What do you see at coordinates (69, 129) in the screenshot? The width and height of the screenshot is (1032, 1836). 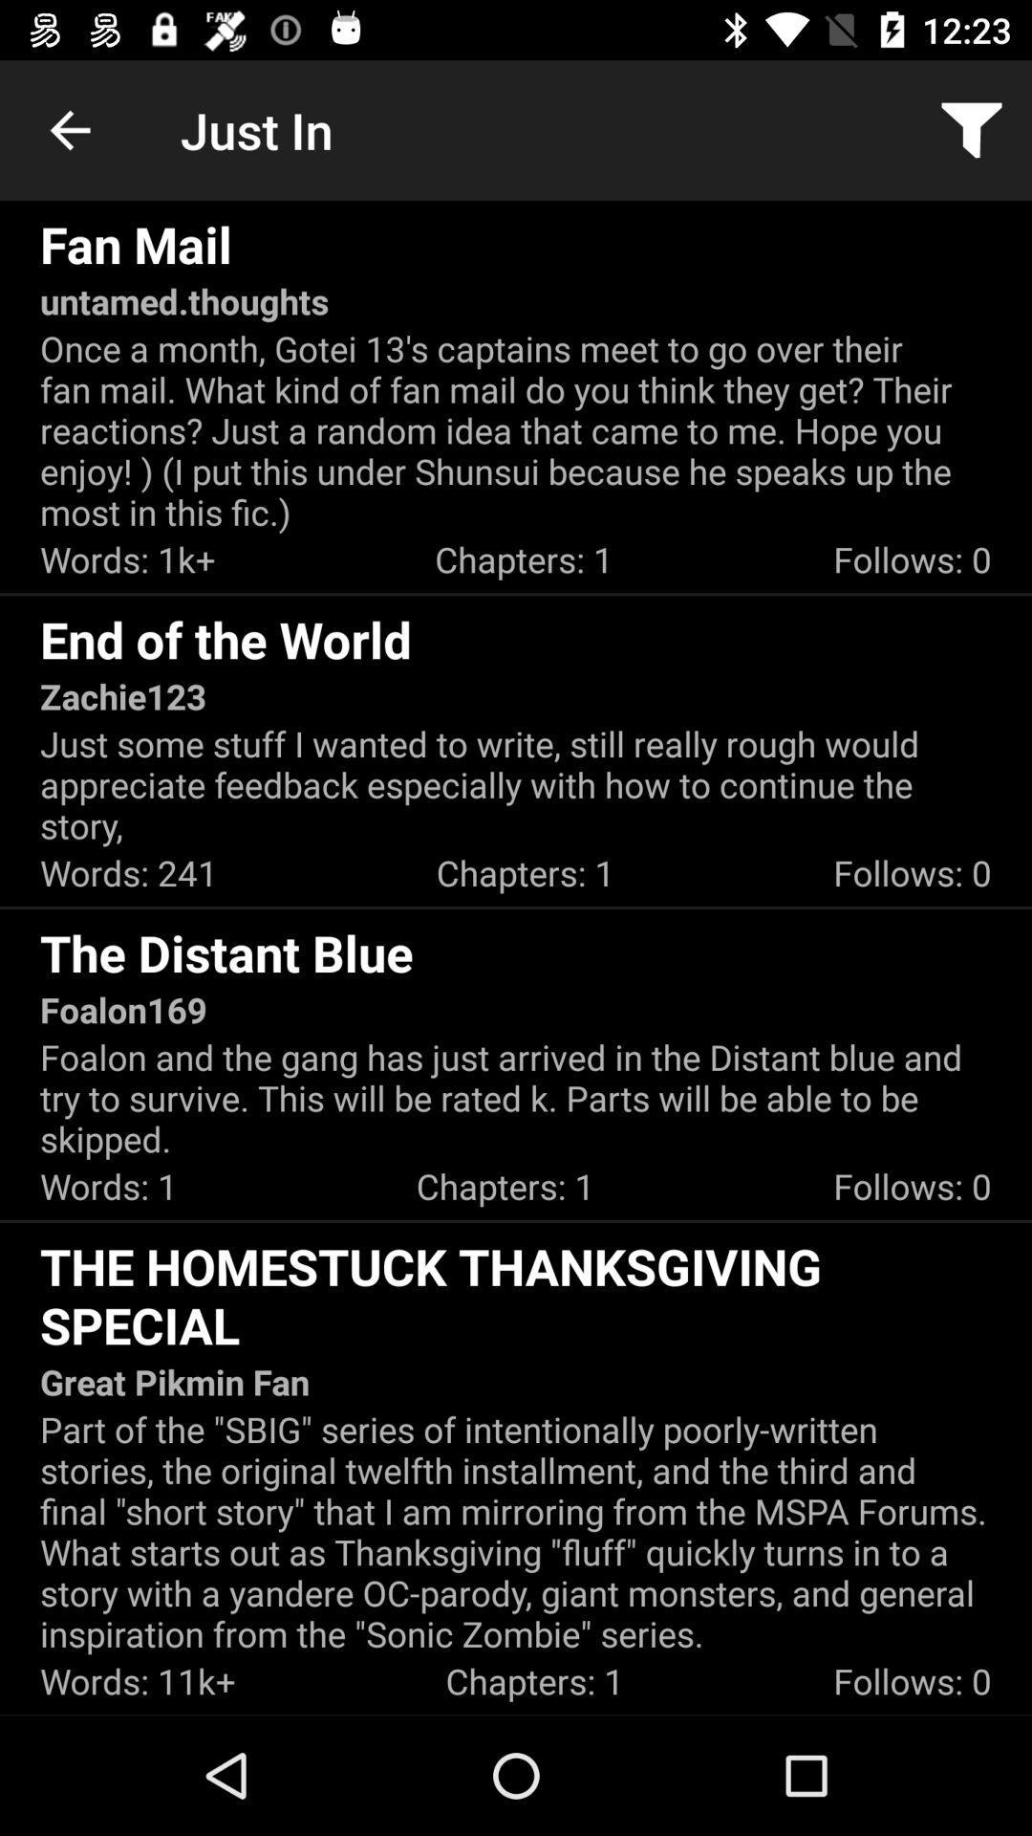 I see `the icon above fan mail` at bounding box center [69, 129].